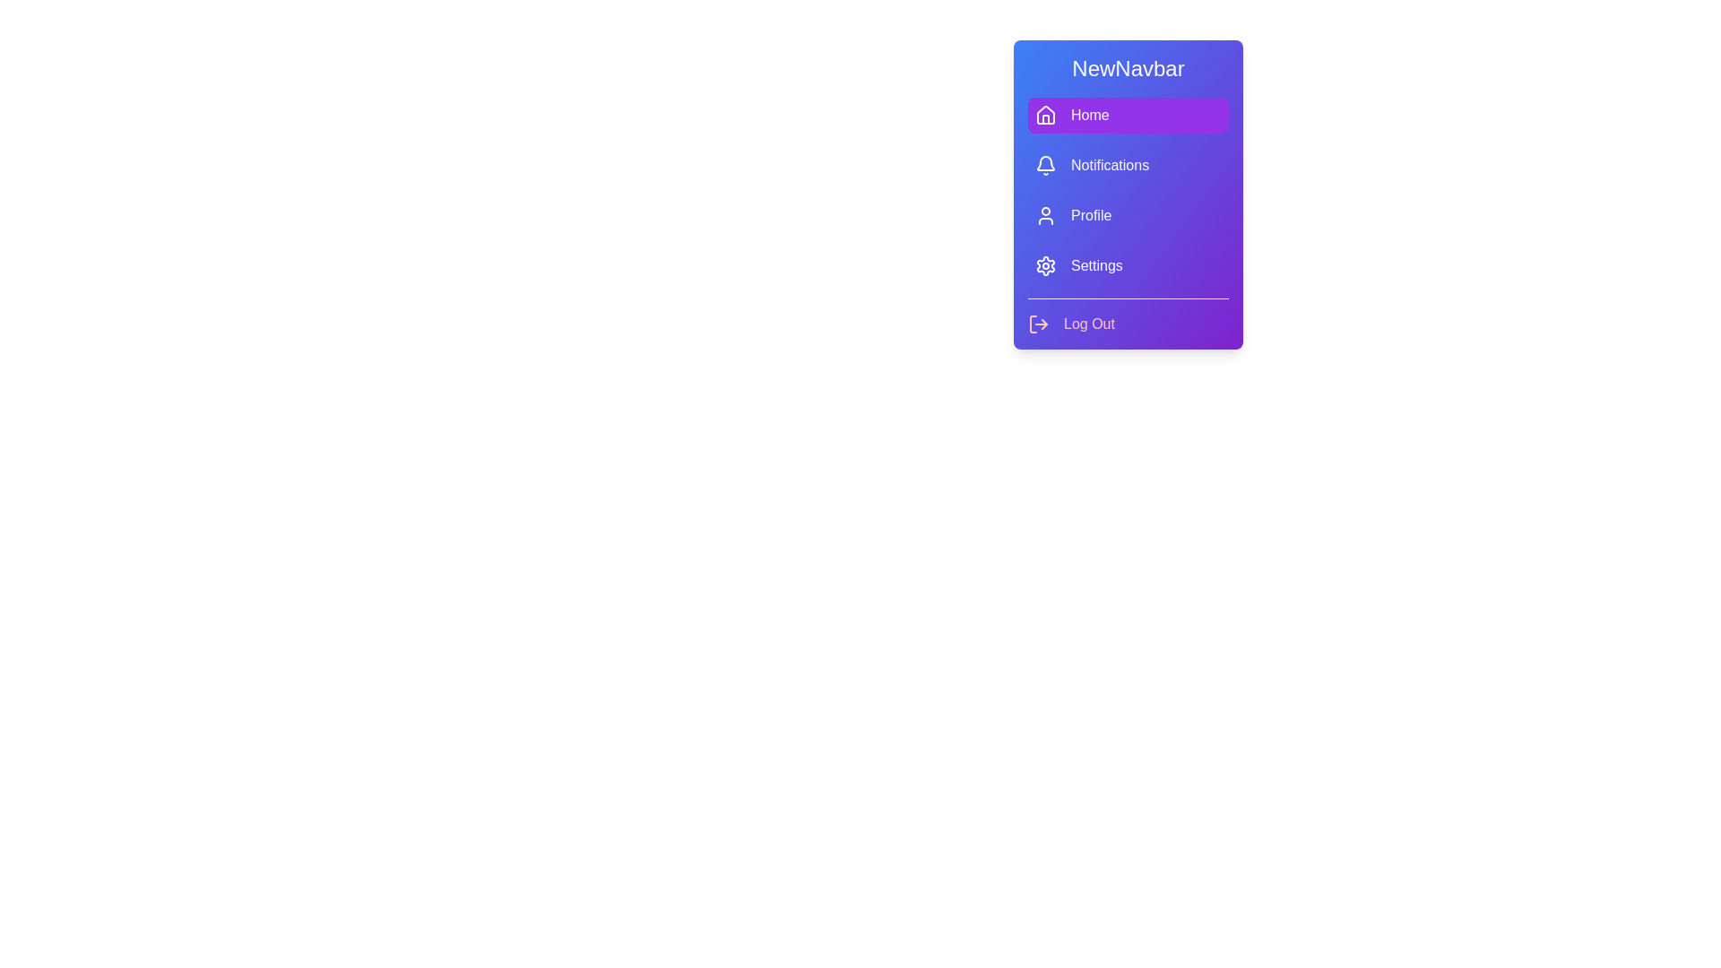 This screenshot has height=968, width=1721. Describe the element at coordinates (1127, 68) in the screenshot. I see `the text label displaying 'NewNavbar' at the top of the navigation menu, which has a gradient background from blue to purple and white text` at that location.